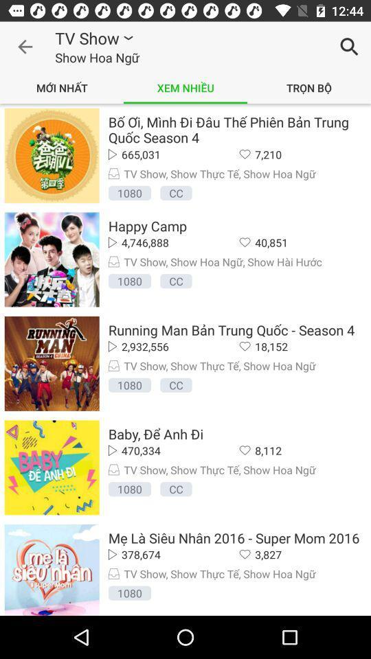 Image resolution: width=371 pixels, height=659 pixels. I want to click on item next to the tv show icon, so click(25, 47).